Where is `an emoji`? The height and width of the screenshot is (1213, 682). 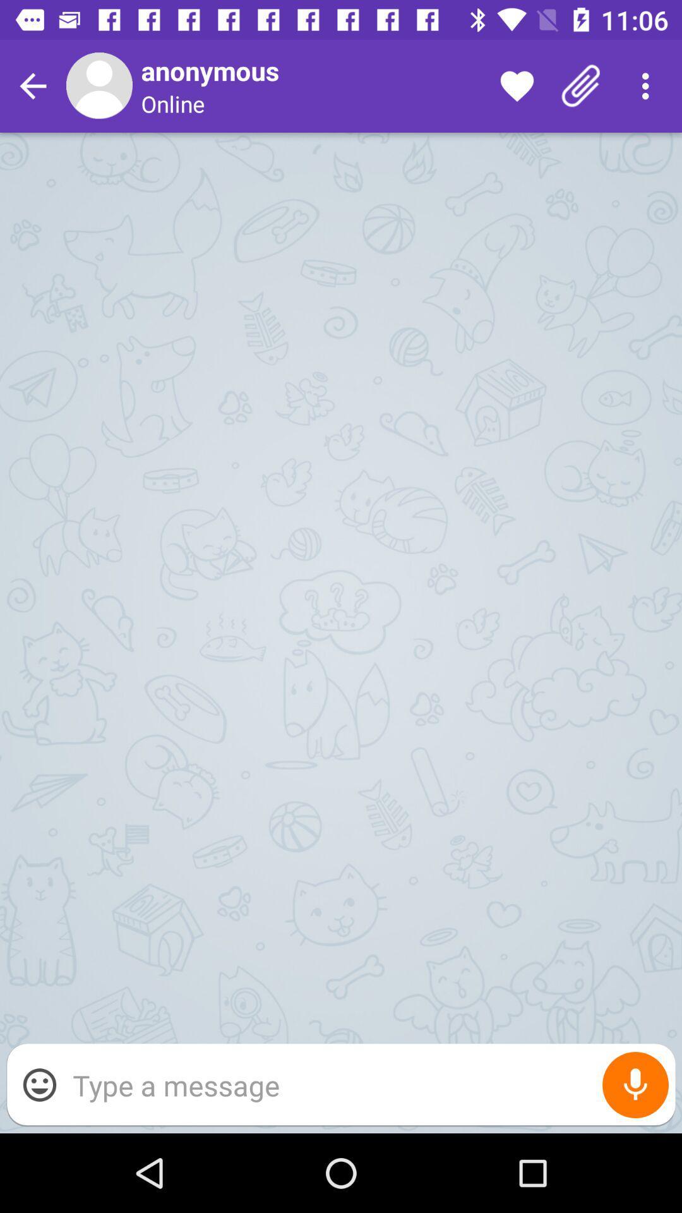
an emoji is located at coordinates (39, 1084).